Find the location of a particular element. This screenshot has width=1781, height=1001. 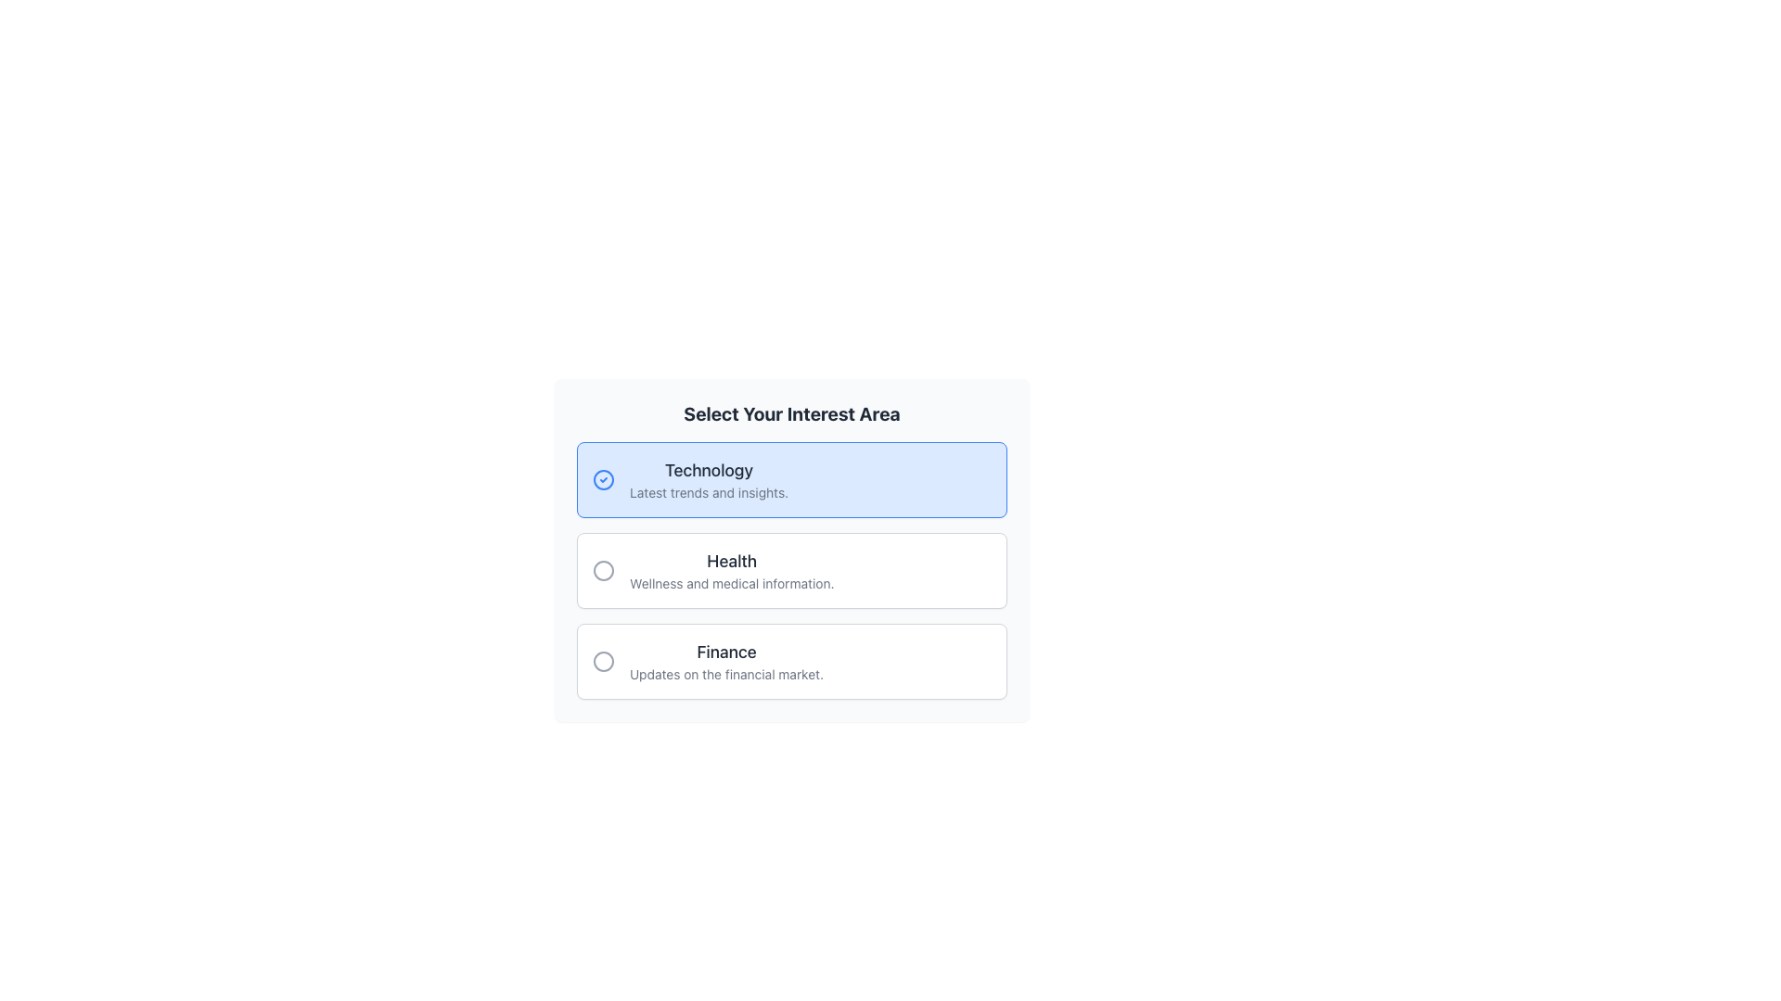

the selectable card for the 'Finance' topic, which is the third card in a vertical list located below the 'Health' card is located at coordinates (792, 660).